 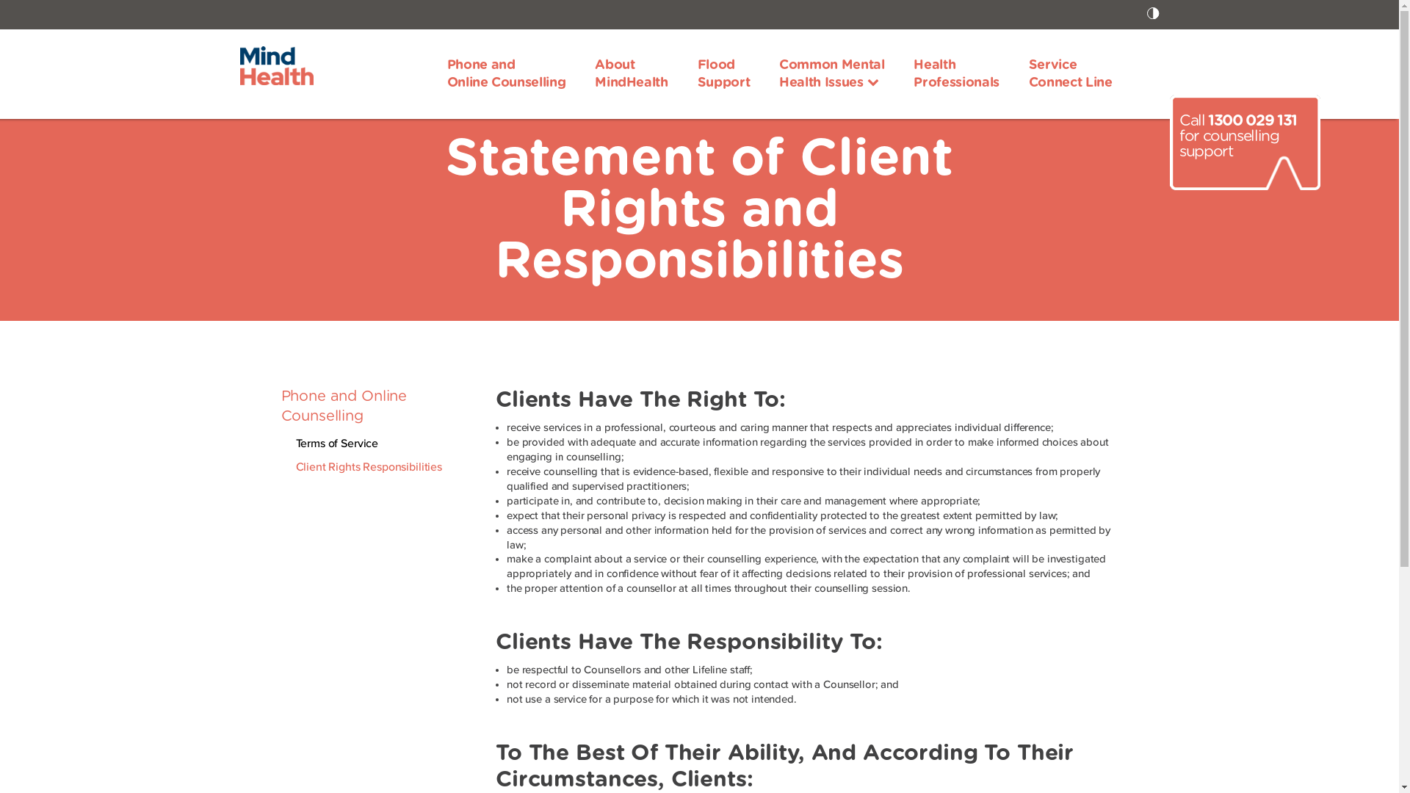 What do you see at coordinates (1071, 74) in the screenshot?
I see `'Service` at bounding box center [1071, 74].